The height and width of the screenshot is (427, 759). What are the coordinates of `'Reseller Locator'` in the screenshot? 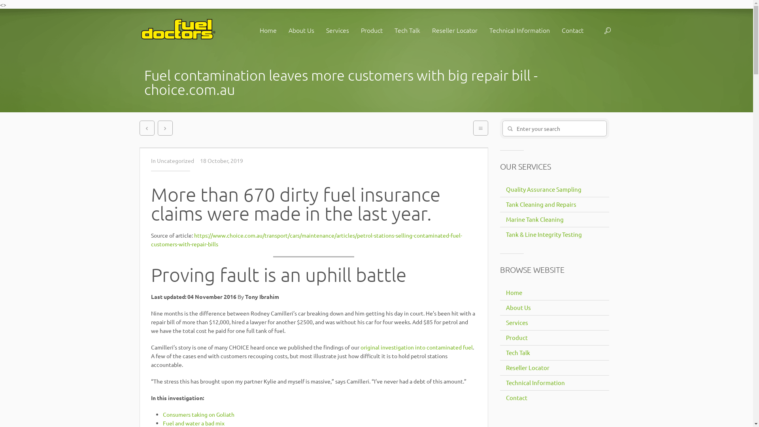 It's located at (526, 367).